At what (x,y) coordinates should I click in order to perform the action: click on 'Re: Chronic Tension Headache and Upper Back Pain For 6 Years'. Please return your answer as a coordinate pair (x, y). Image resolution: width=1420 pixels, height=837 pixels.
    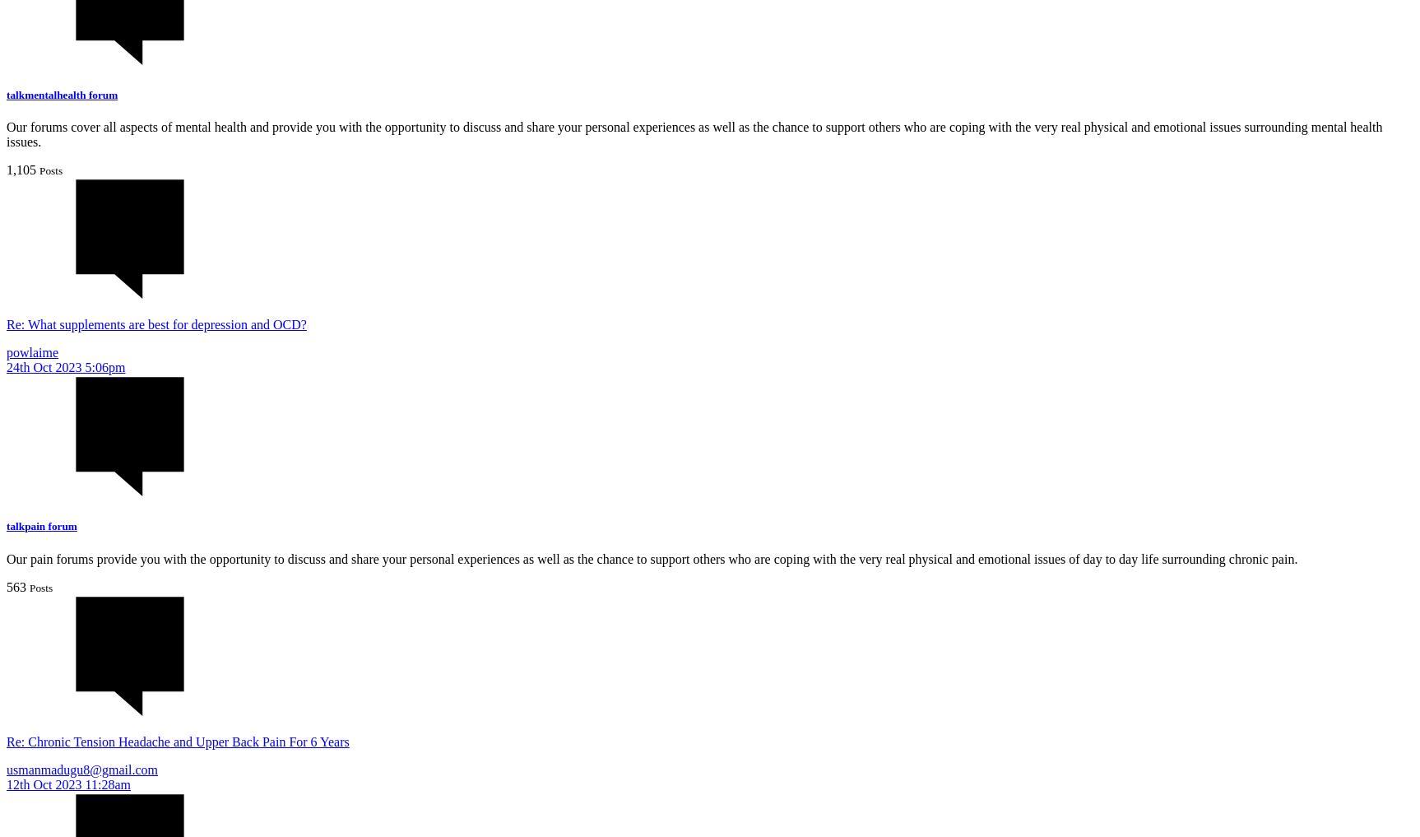
    Looking at the image, I should click on (6, 741).